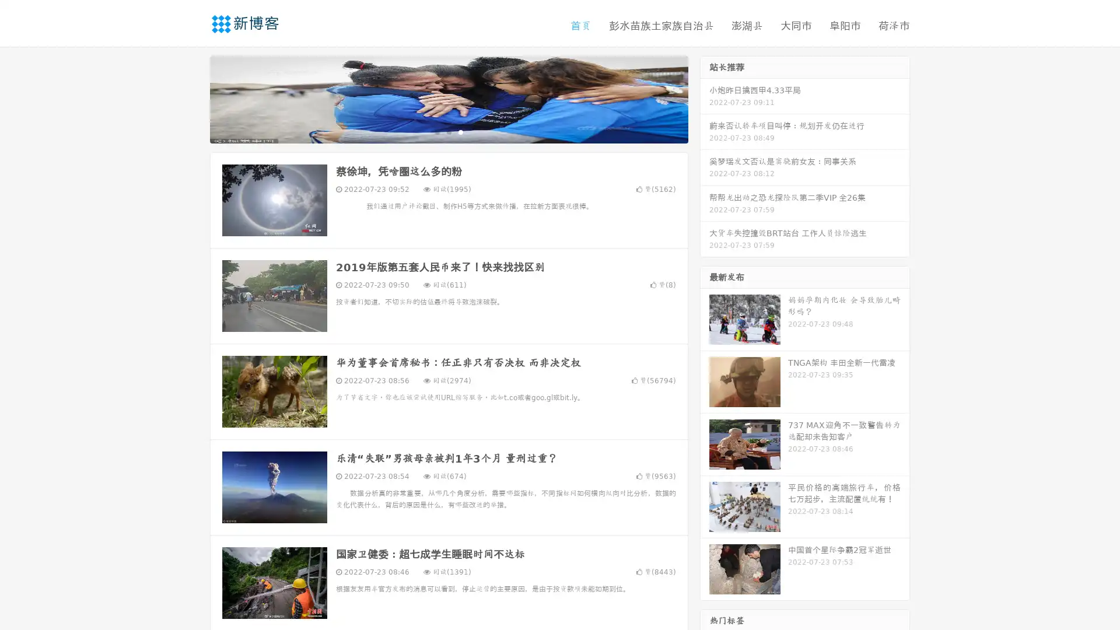 This screenshot has width=1120, height=630. Describe the element at coordinates (192, 98) in the screenshot. I see `Previous slide` at that location.